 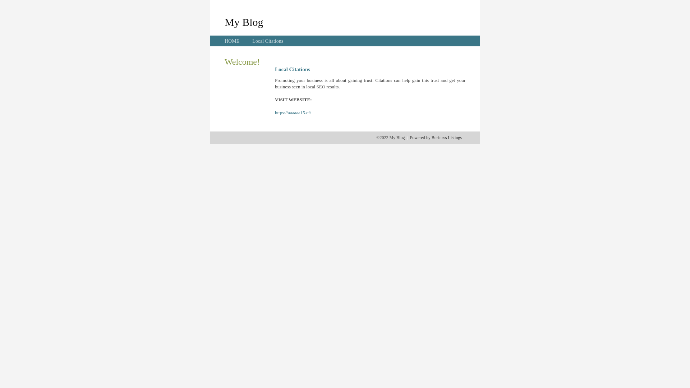 I want to click on 'HOME', so click(x=232, y=41).